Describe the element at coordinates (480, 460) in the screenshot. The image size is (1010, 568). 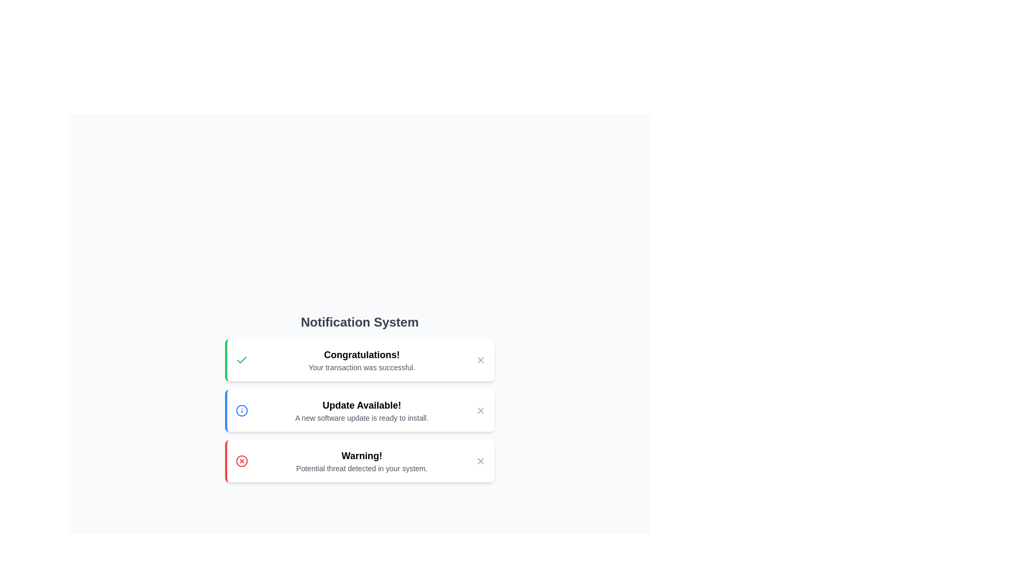
I see `the close button located on the right side of the notification box` at that location.